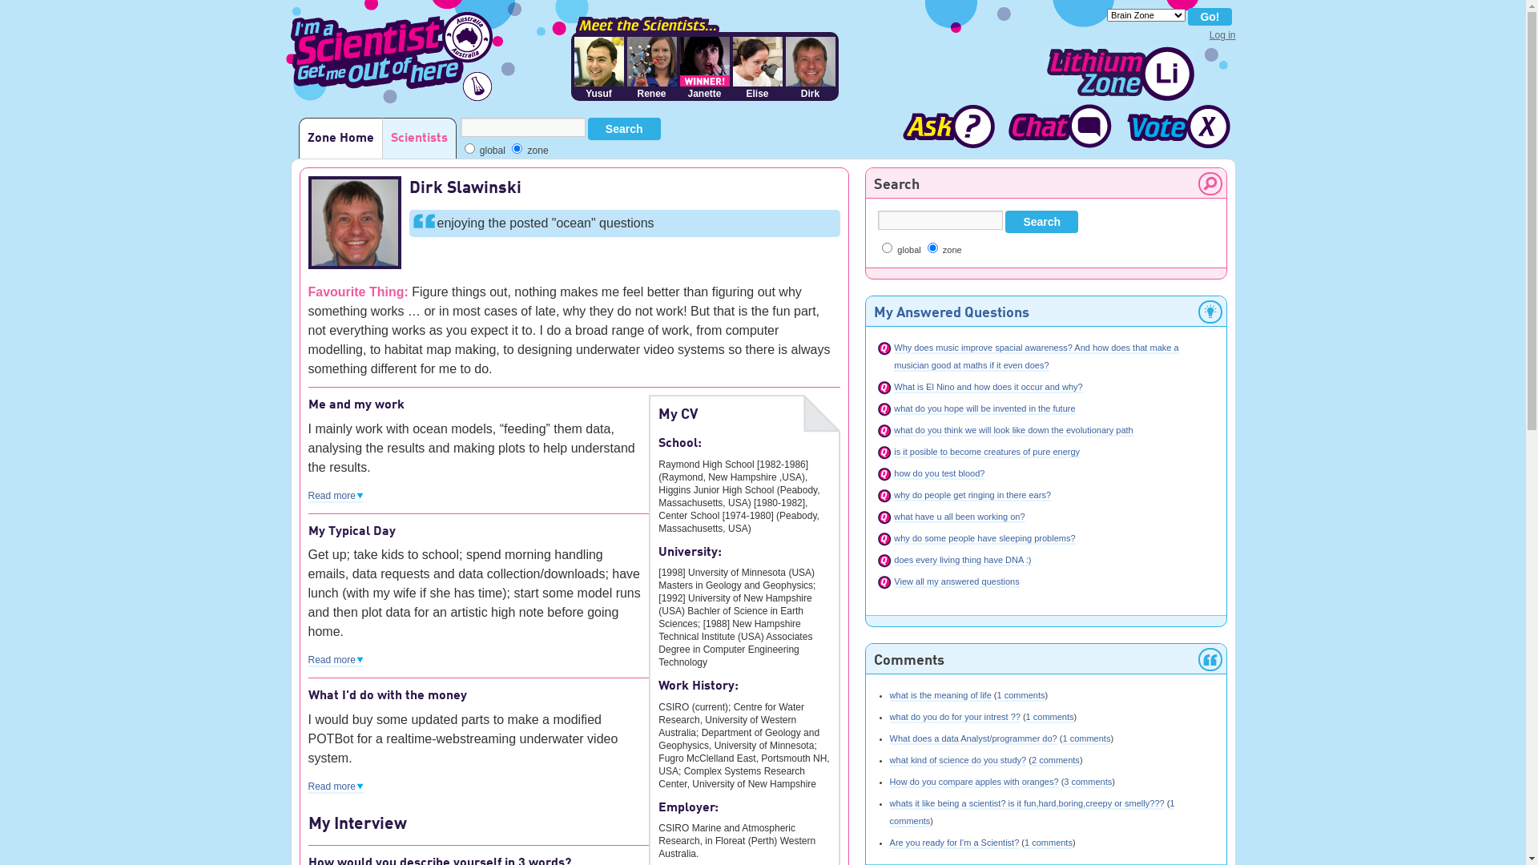  Describe the element at coordinates (952, 314) in the screenshot. I see `'My Answered Questions'` at that location.